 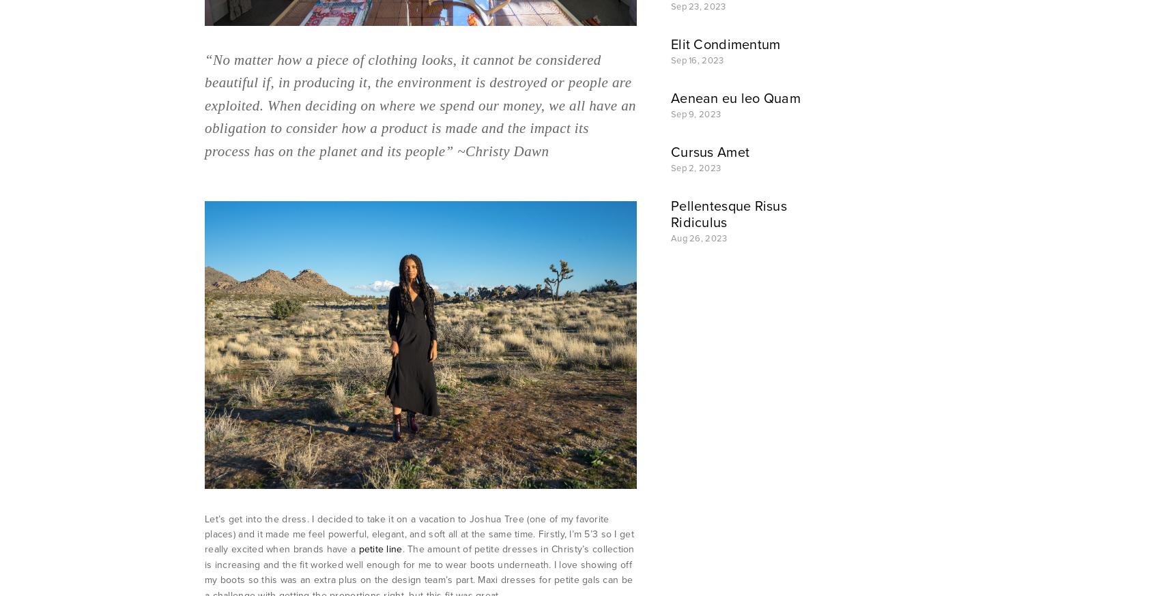 I want to click on 'Aug 26, 2023', so click(x=699, y=237).